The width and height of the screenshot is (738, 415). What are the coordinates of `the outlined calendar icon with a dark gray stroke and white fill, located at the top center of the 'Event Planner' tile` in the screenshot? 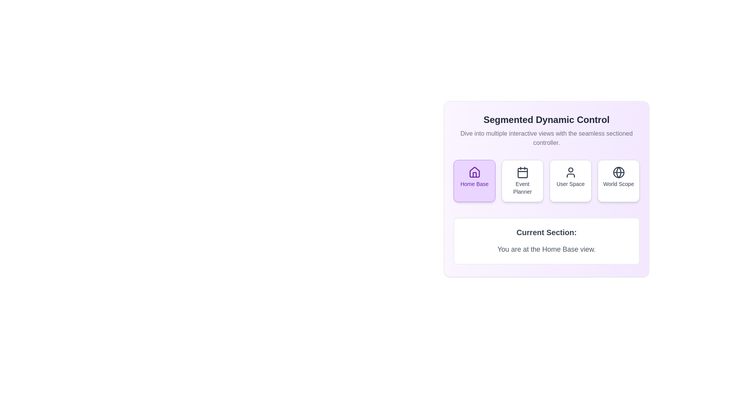 It's located at (522, 172).